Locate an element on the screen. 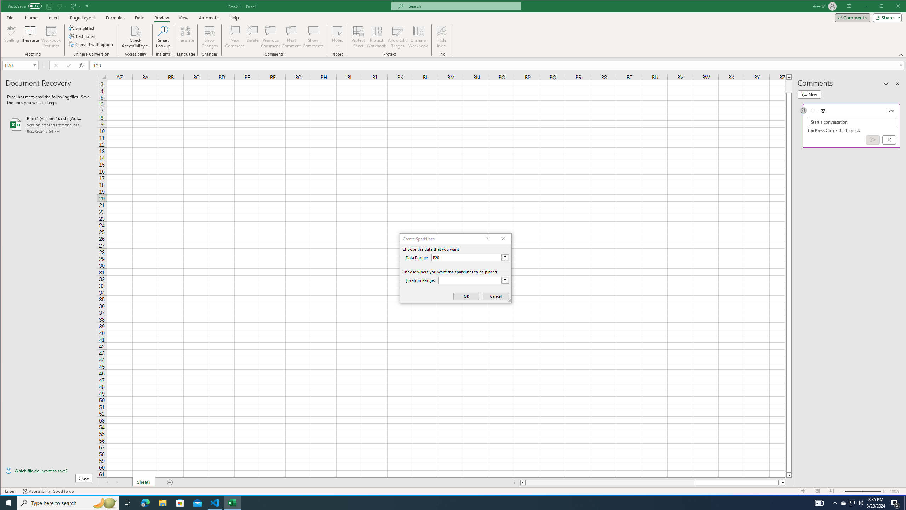  'Traditional' is located at coordinates (82, 36).